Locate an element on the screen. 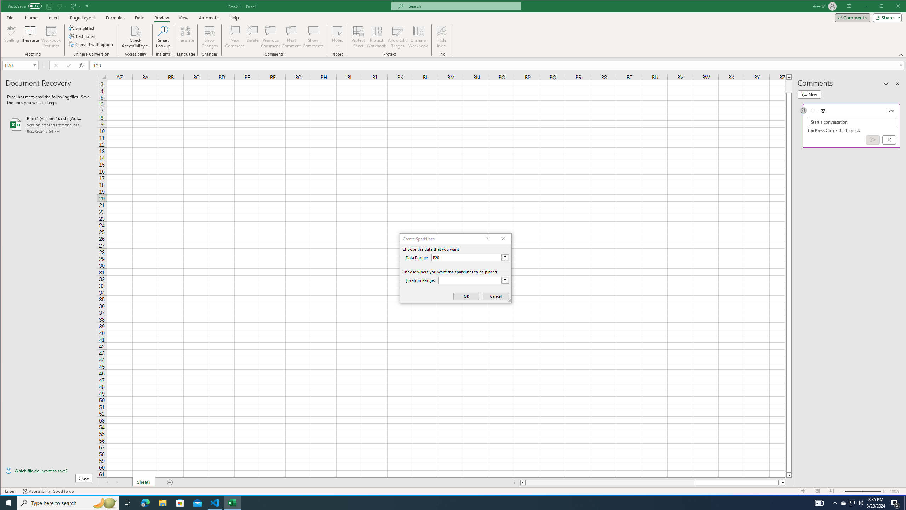  'Traditional' is located at coordinates (82, 36).